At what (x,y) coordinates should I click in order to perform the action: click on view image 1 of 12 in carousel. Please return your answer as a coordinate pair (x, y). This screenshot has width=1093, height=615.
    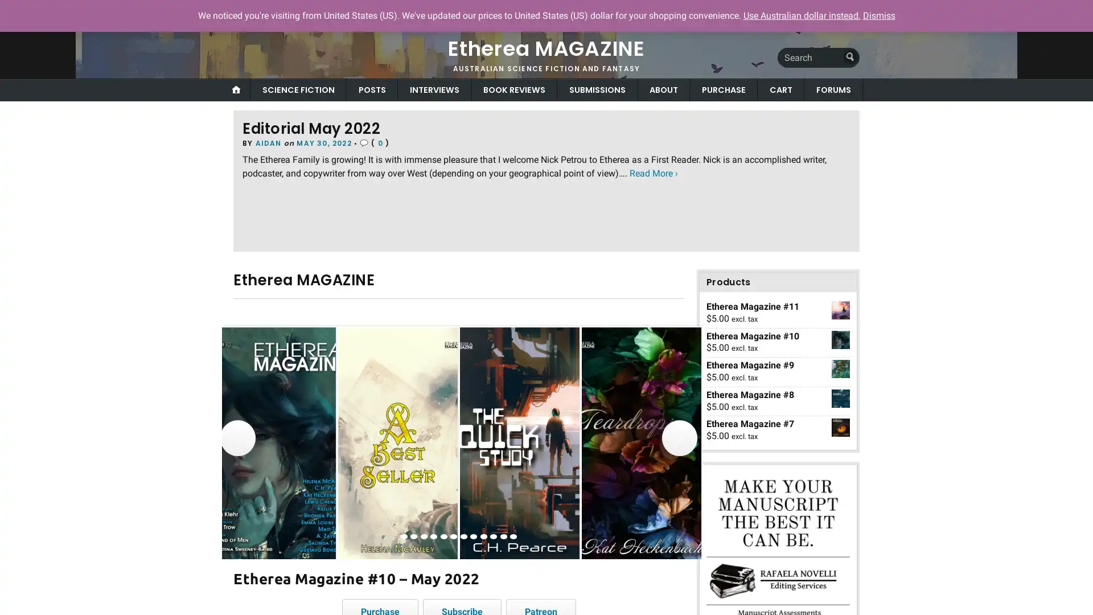
    Looking at the image, I should click on (404, 536).